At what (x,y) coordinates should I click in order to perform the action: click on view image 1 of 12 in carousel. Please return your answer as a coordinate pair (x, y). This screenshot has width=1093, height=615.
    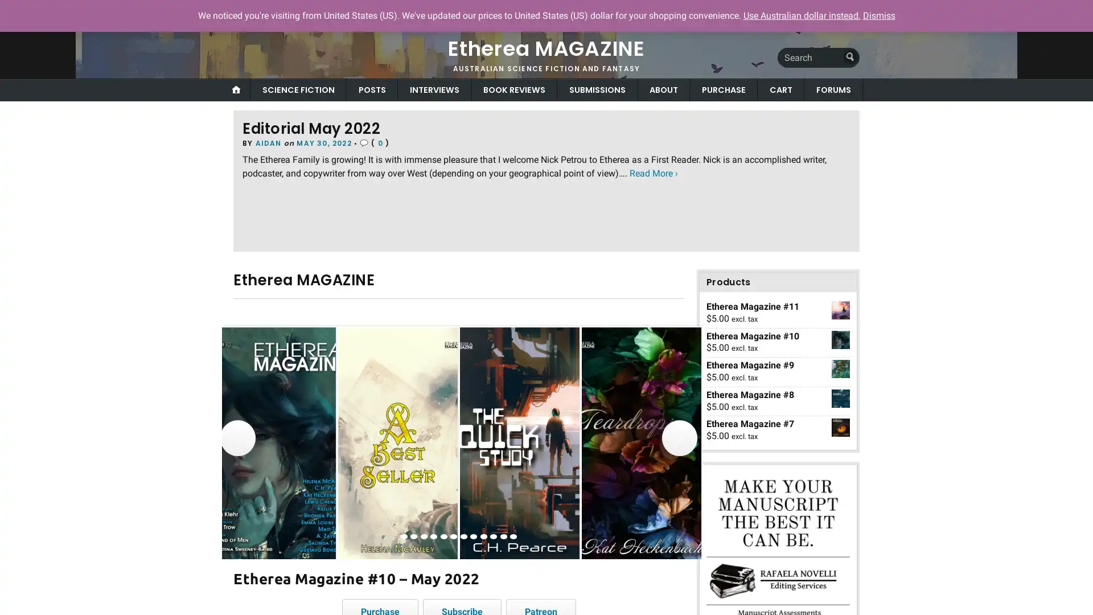
    Looking at the image, I should click on (404, 536).